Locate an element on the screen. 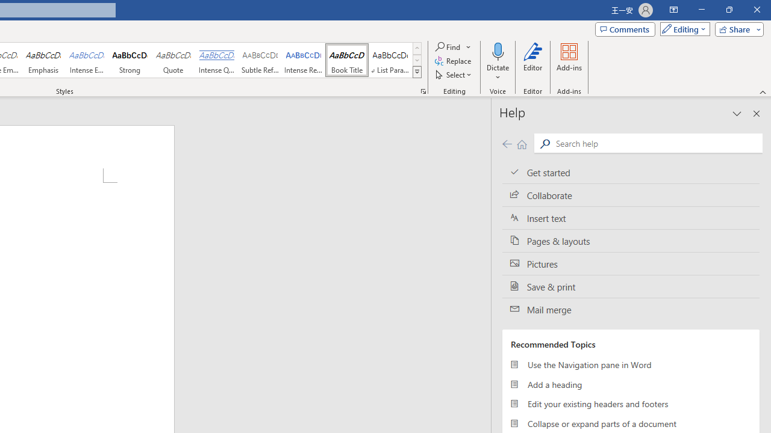  'Dictate' is located at coordinates (498, 62).